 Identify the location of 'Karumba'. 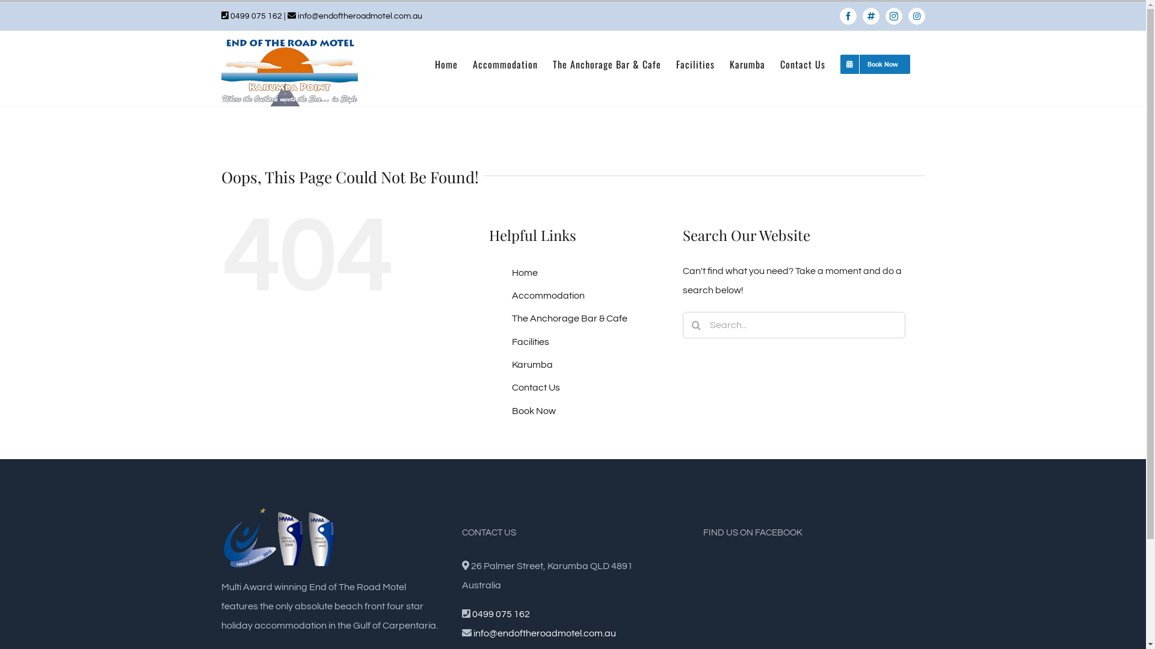
(511, 364).